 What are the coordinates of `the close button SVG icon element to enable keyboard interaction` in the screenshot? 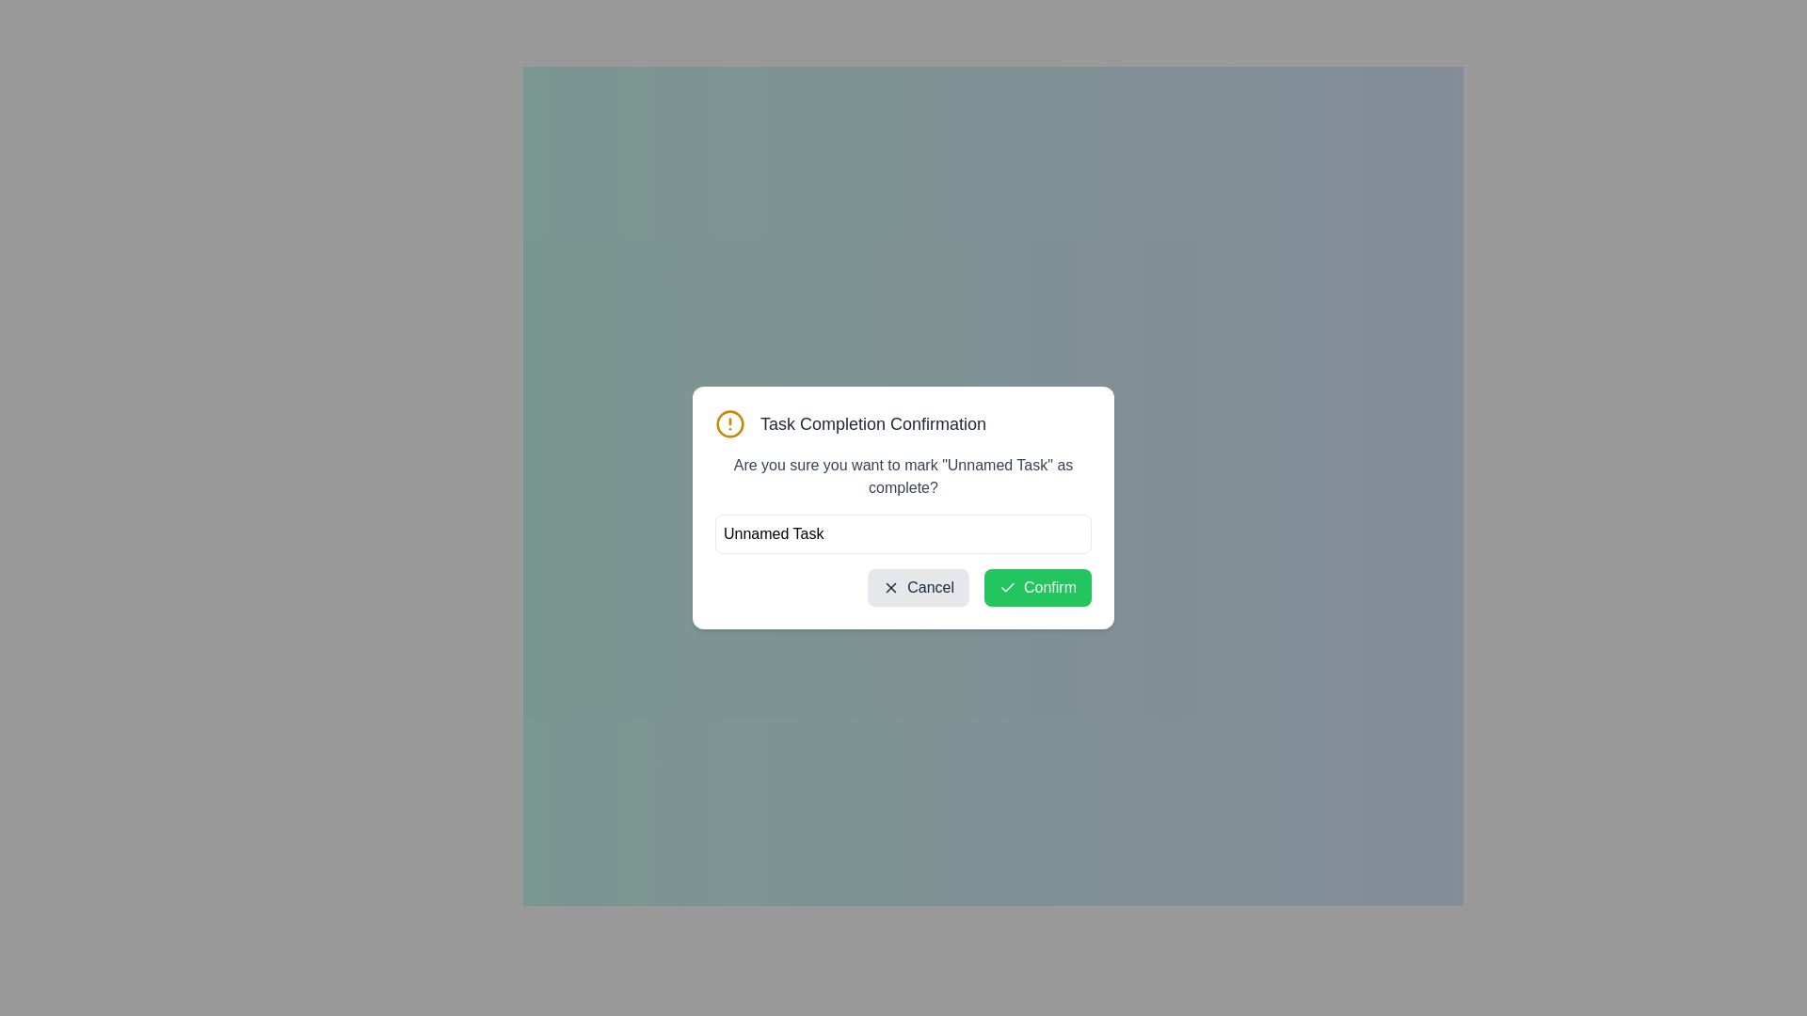 It's located at (890, 586).